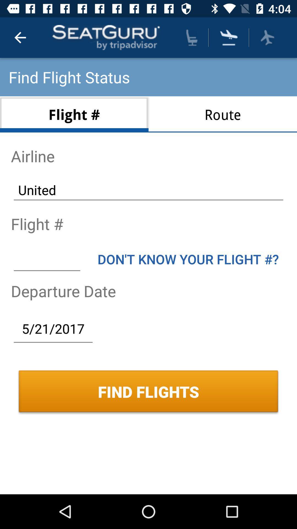 The height and width of the screenshot is (529, 297). What do you see at coordinates (267, 37) in the screenshot?
I see `airplane mode` at bounding box center [267, 37].